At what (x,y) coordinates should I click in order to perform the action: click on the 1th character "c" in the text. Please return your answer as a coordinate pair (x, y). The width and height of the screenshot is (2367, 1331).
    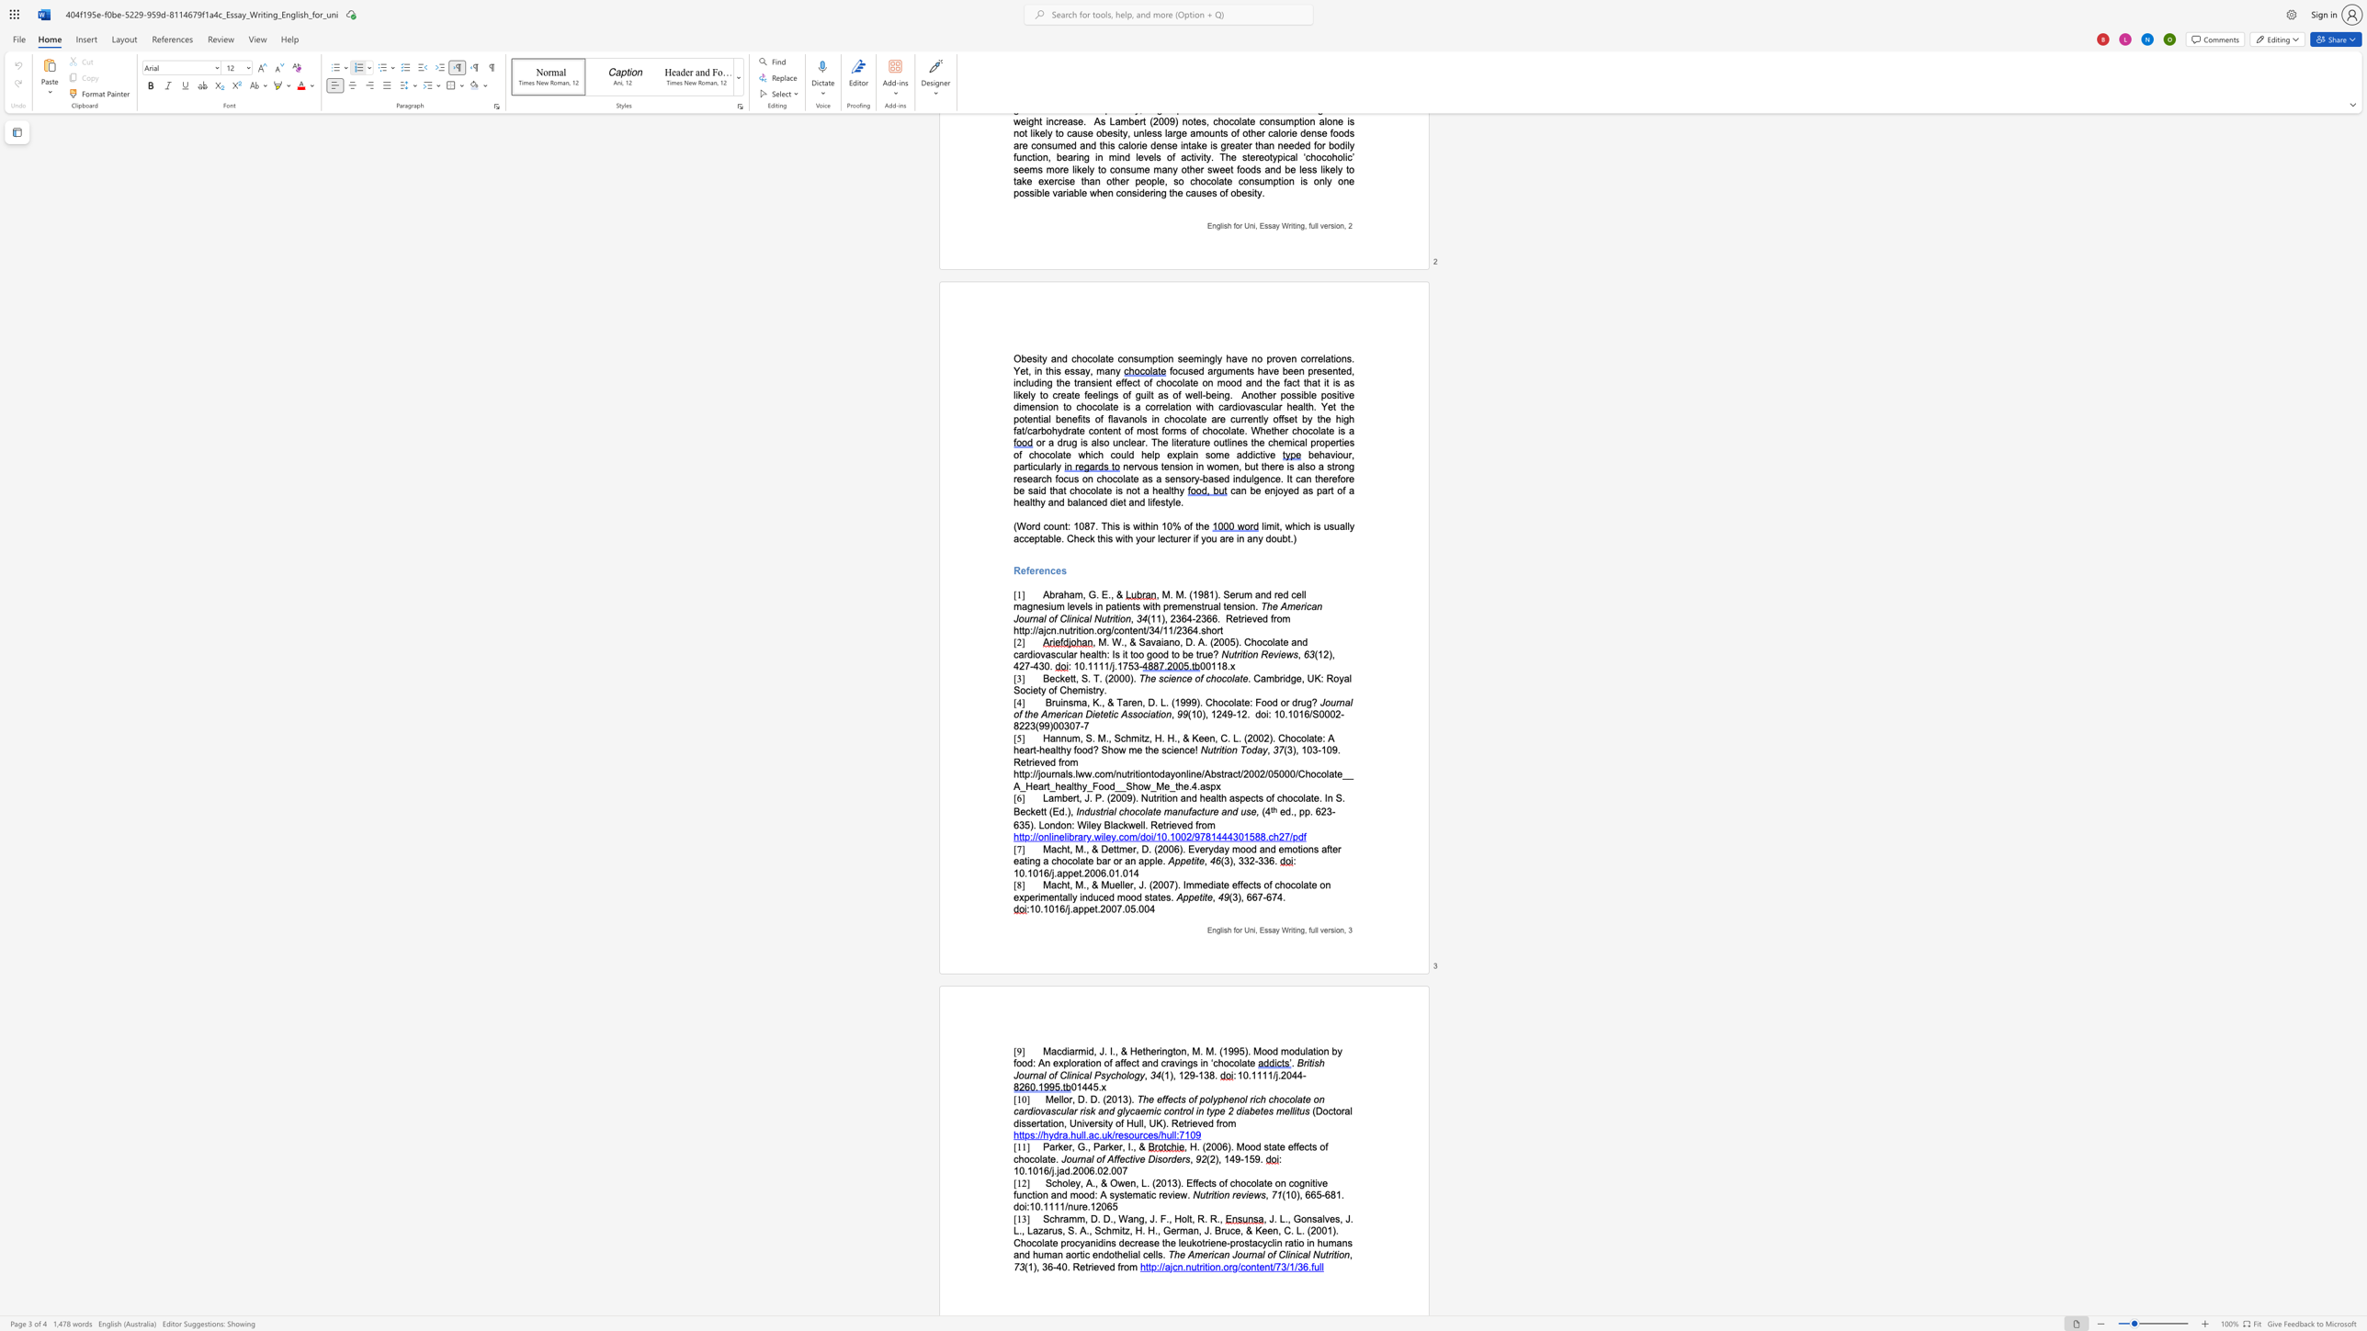
    Looking at the image, I should click on (1121, 836).